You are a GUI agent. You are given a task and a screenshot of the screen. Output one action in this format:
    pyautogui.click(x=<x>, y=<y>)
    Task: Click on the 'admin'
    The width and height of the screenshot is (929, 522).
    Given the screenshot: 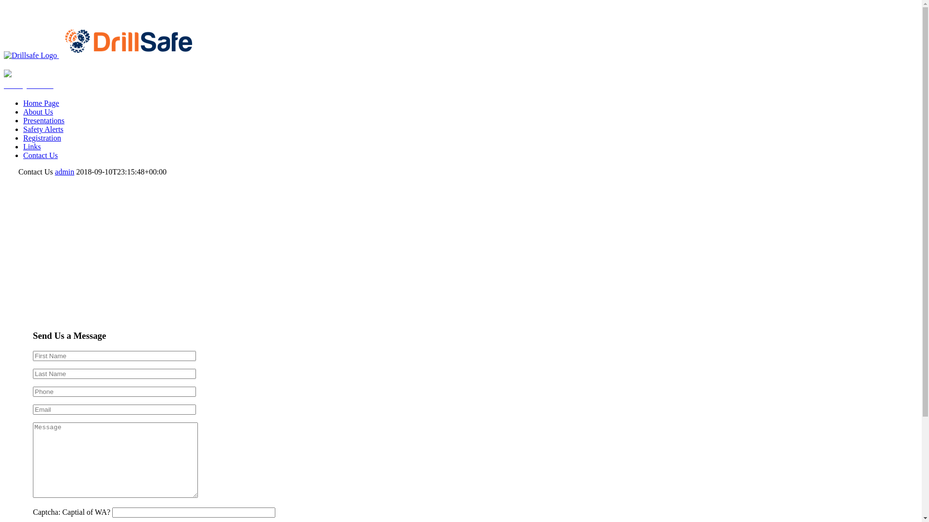 What is the action you would take?
    pyautogui.click(x=55, y=171)
    